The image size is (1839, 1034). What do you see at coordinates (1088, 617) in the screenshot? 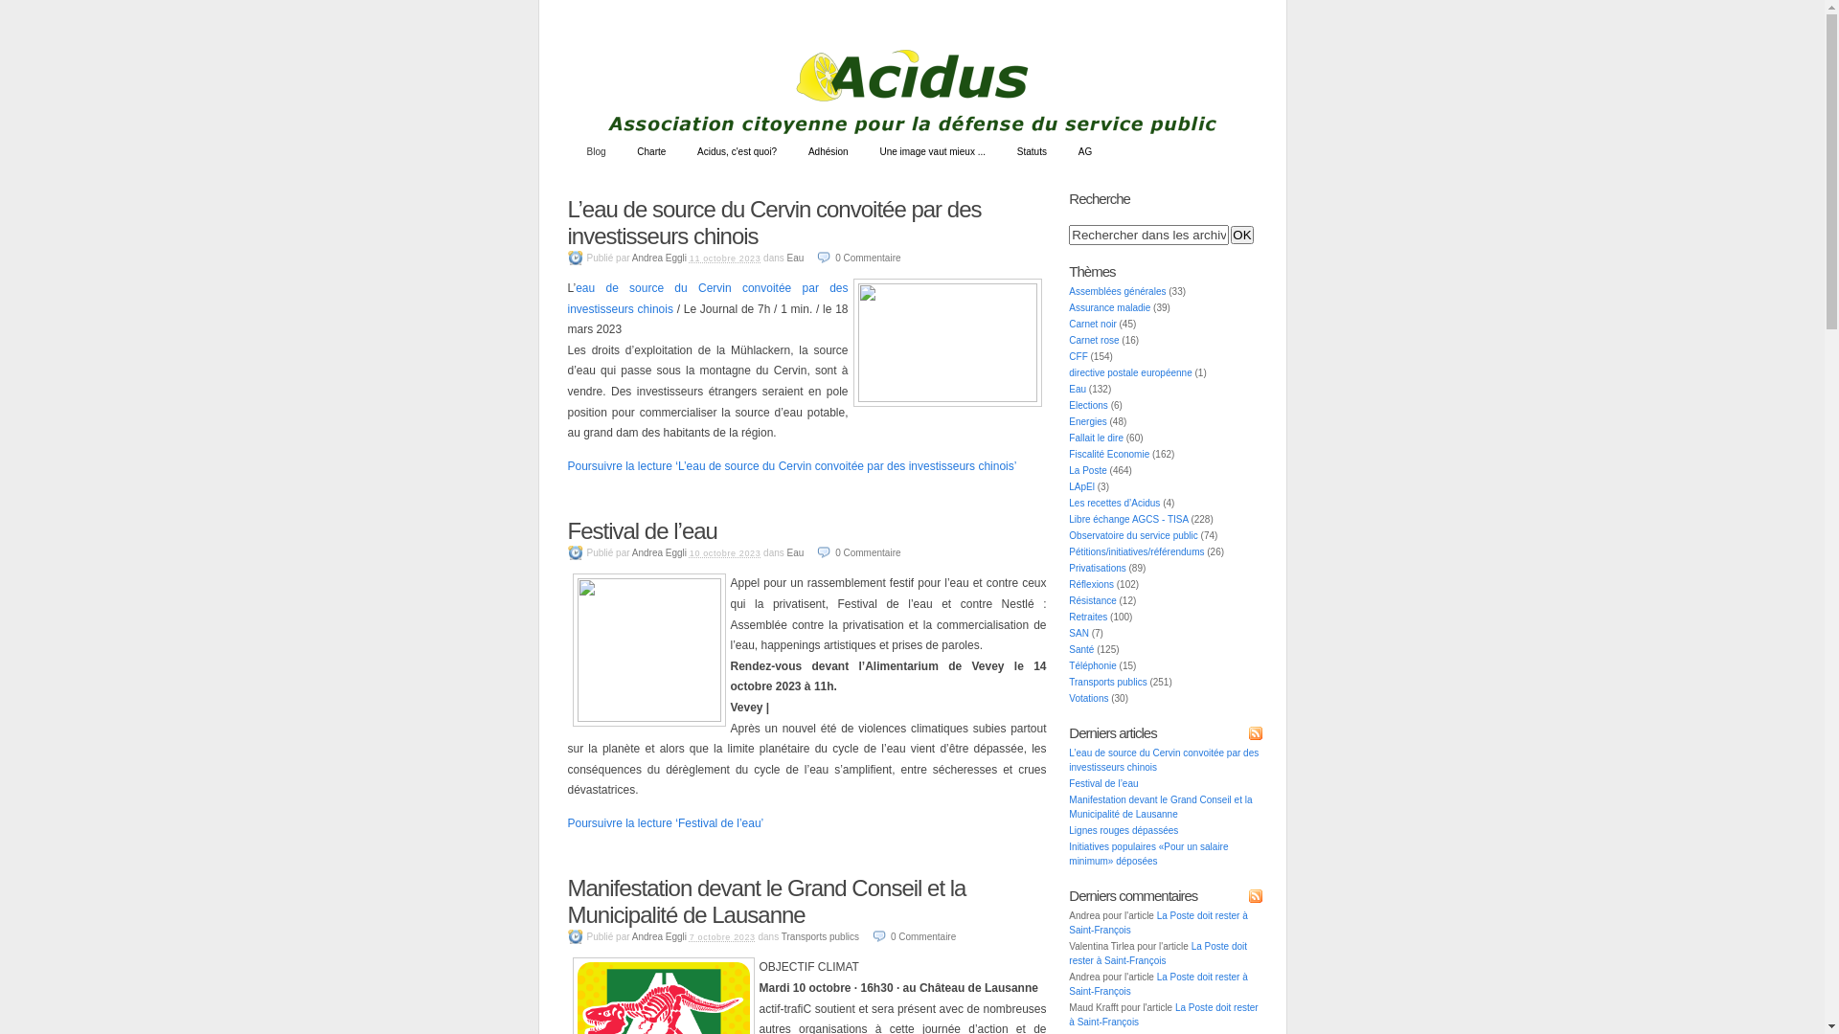
I see `'Retraites'` at bounding box center [1088, 617].